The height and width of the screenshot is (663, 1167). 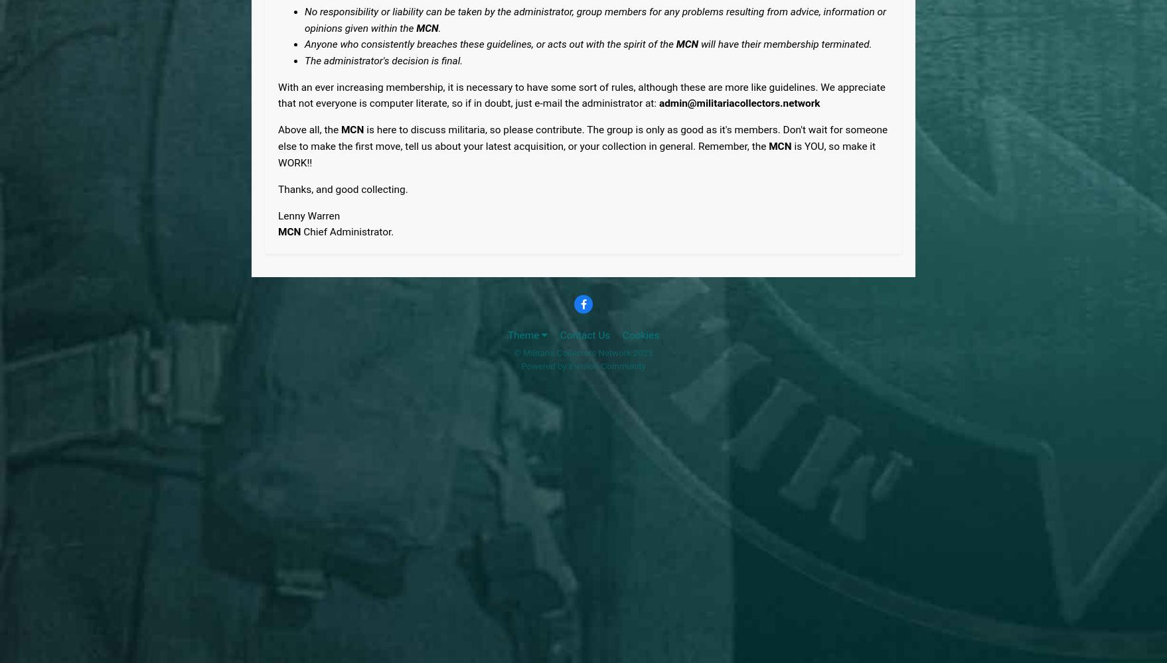 I want to click on 'Thanks, and good collecting.', so click(x=342, y=189).